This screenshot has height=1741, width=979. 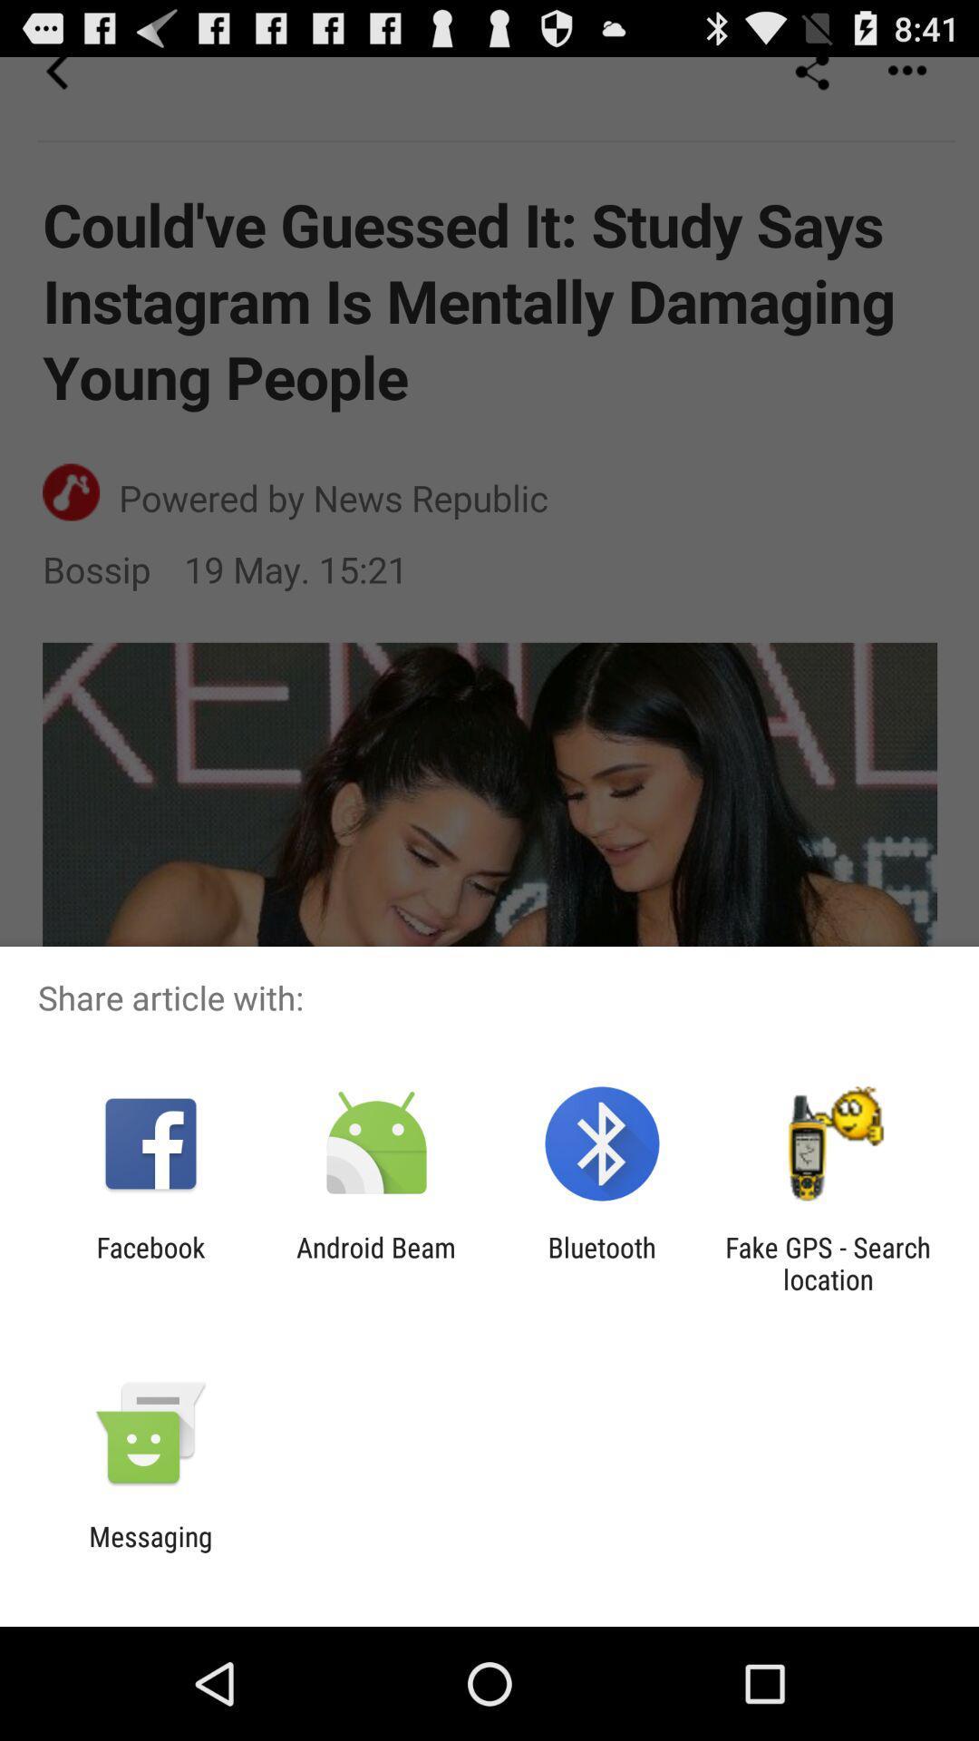 I want to click on facebook app, so click(x=150, y=1262).